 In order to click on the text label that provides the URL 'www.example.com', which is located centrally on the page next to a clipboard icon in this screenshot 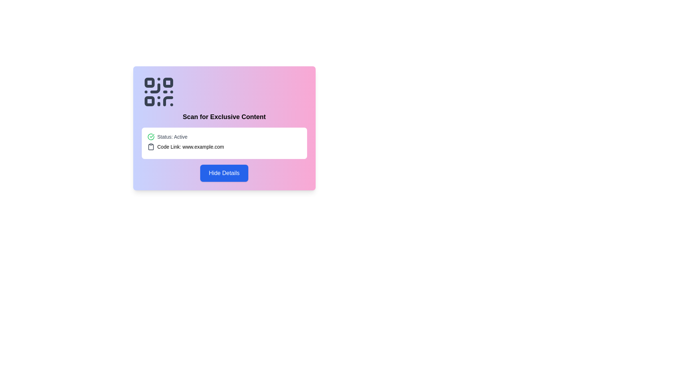, I will do `click(191, 147)`.